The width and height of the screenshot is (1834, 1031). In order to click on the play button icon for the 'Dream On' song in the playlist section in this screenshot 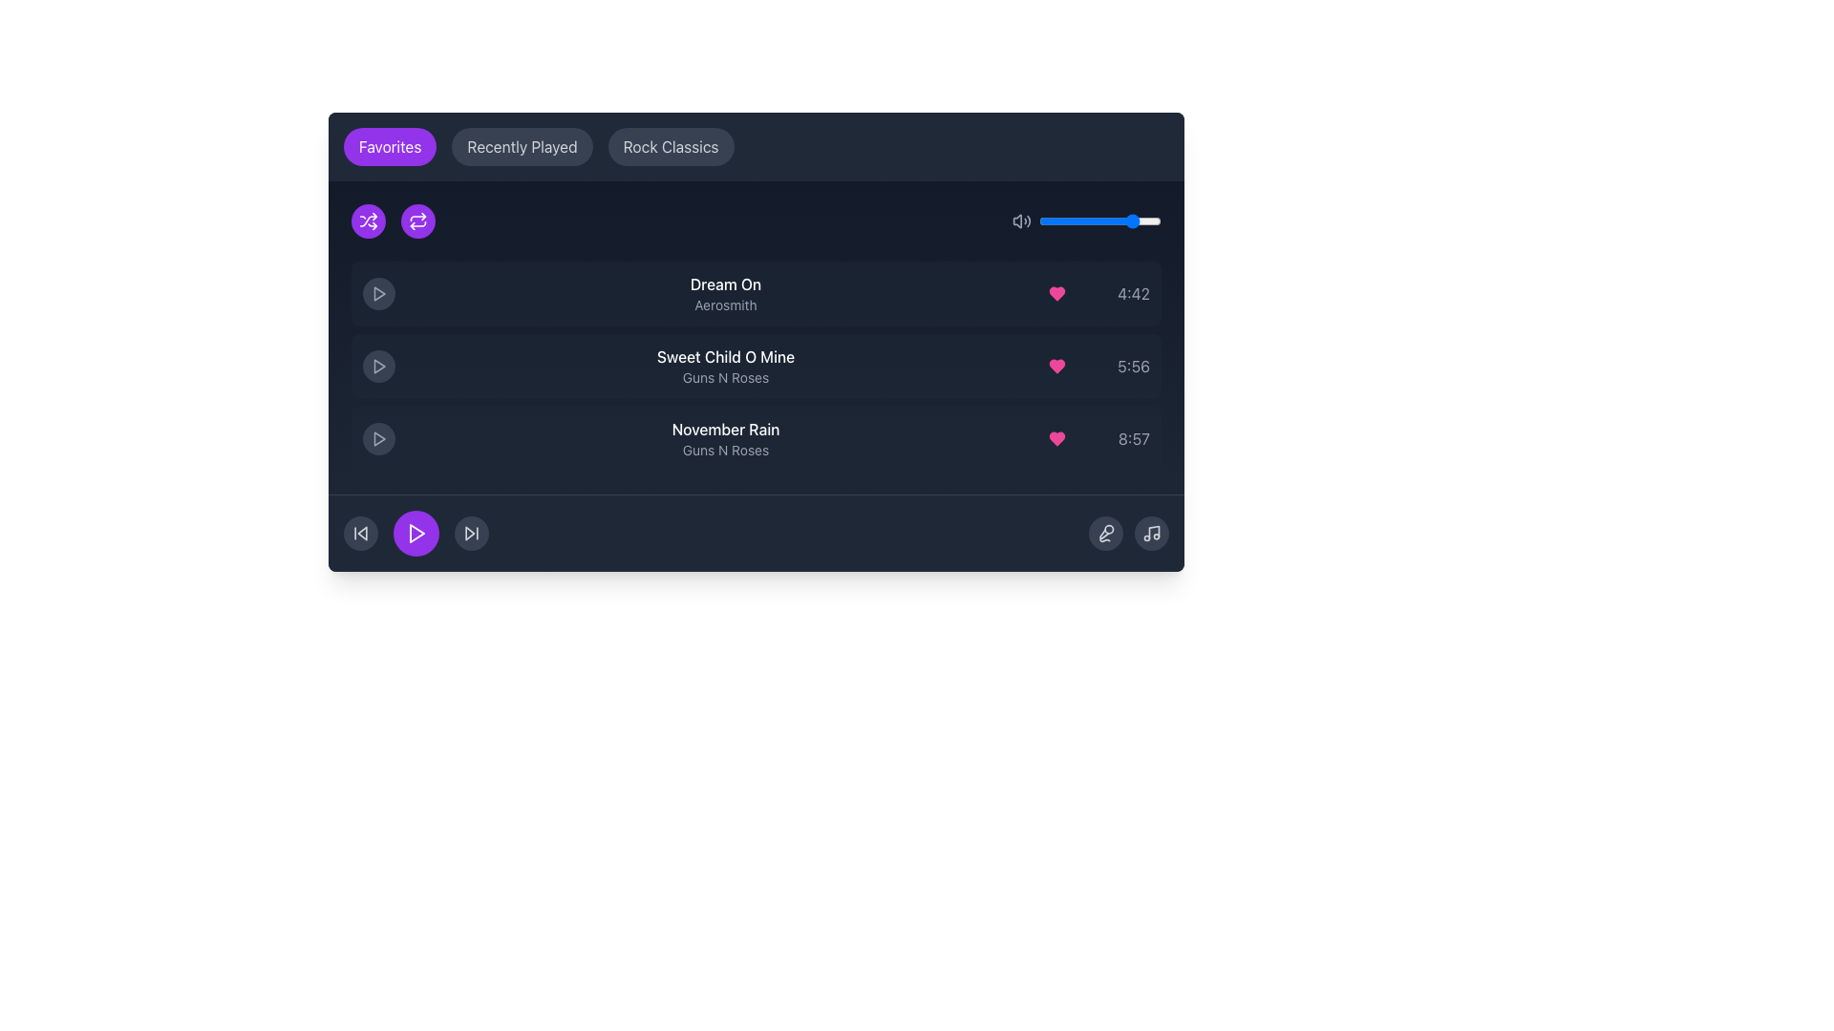, I will do `click(379, 294)`.